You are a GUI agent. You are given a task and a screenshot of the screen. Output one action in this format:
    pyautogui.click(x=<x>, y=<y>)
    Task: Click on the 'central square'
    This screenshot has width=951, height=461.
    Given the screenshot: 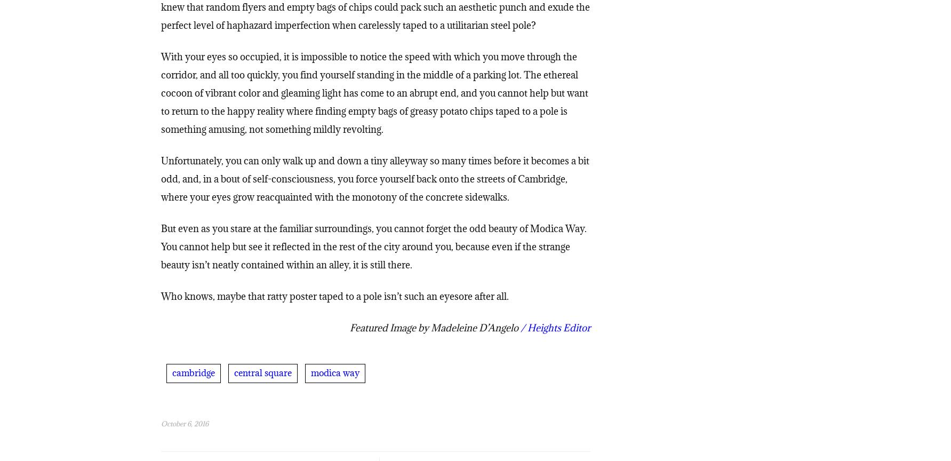 What is the action you would take?
    pyautogui.click(x=262, y=375)
    